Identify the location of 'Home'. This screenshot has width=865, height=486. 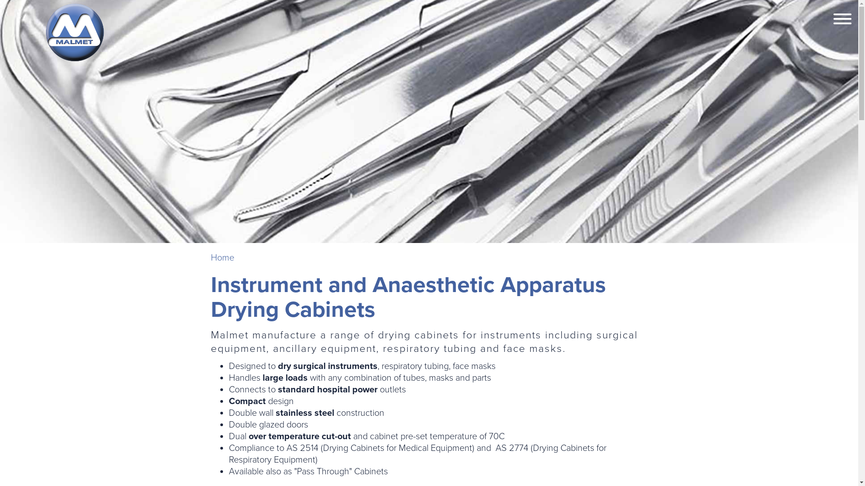
(223, 258).